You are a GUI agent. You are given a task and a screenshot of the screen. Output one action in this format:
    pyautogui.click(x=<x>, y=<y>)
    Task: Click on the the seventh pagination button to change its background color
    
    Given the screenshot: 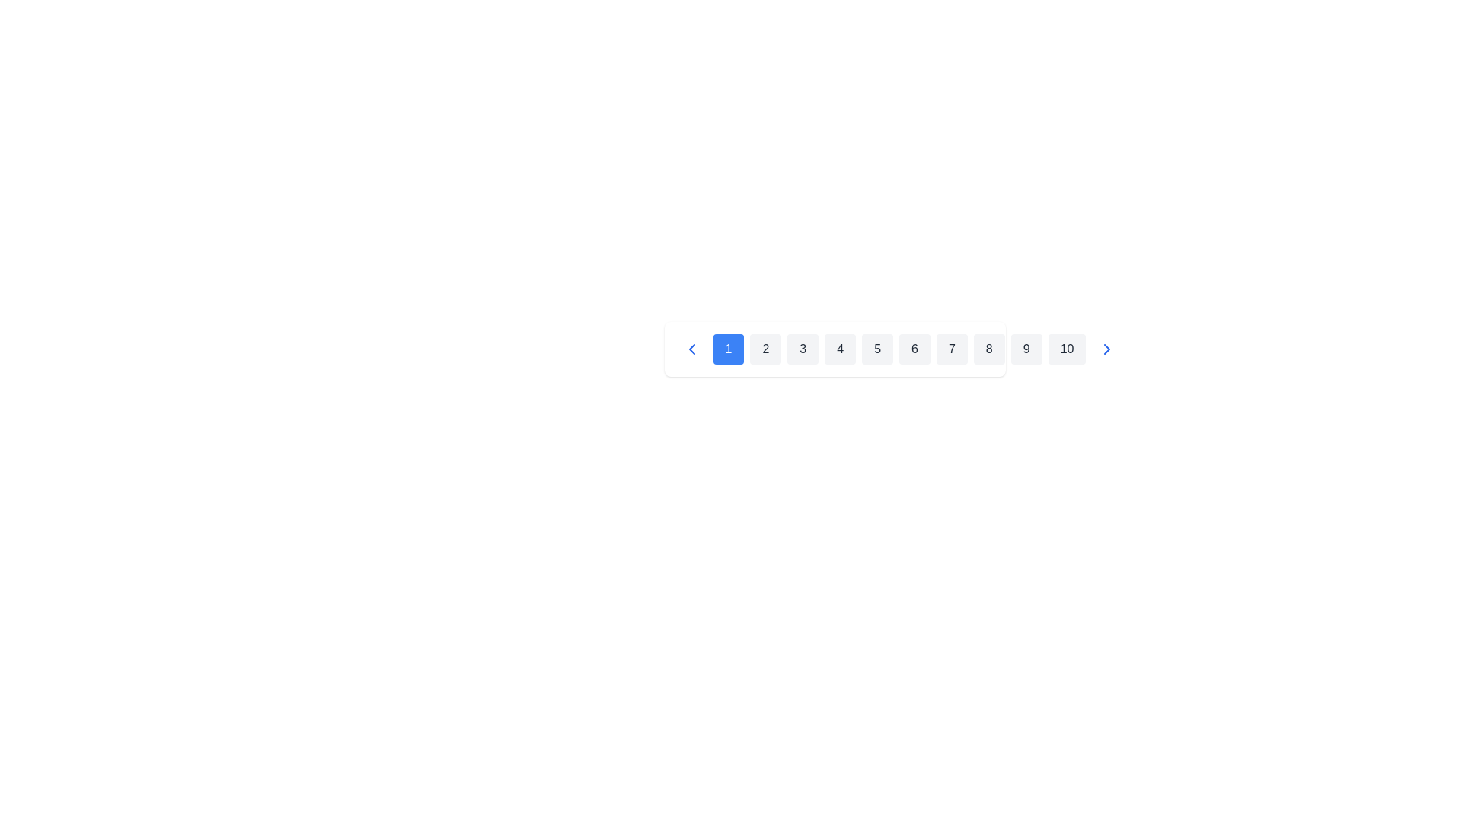 What is the action you would take?
    pyautogui.click(x=951, y=349)
    